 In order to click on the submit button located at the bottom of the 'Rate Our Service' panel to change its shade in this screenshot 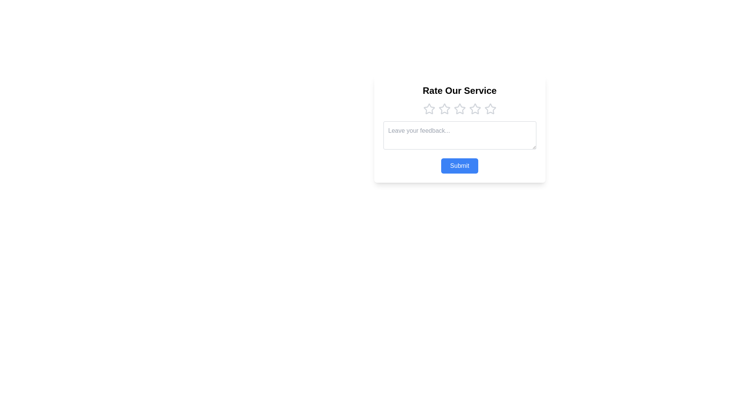, I will do `click(459, 166)`.